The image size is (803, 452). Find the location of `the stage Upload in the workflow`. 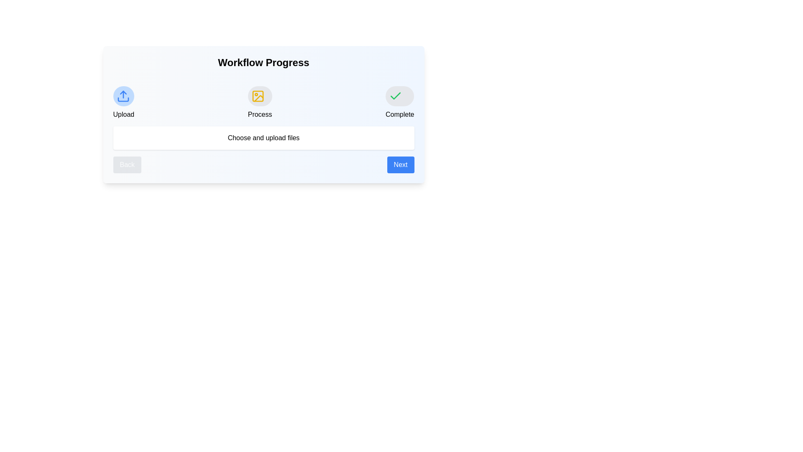

the stage Upload in the workflow is located at coordinates (123, 96).